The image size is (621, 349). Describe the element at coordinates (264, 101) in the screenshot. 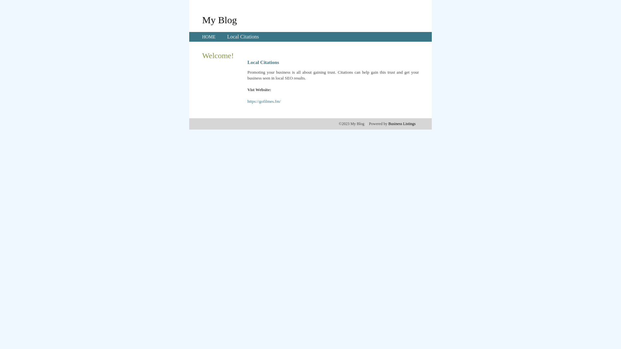

I see `'https://gofilmes.fm/'` at that location.